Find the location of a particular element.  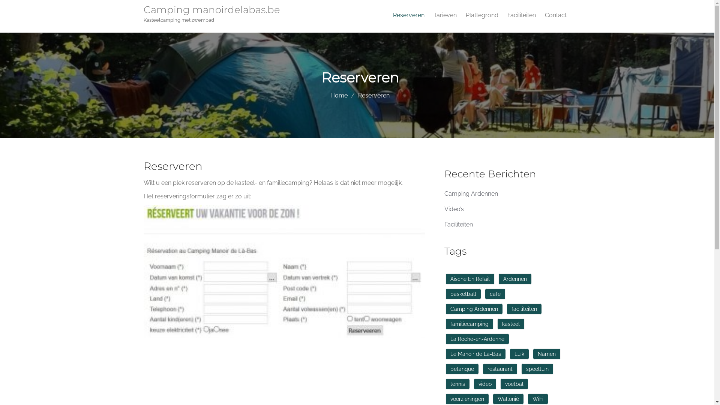

'Tarieven' is located at coordinates (429, 15).